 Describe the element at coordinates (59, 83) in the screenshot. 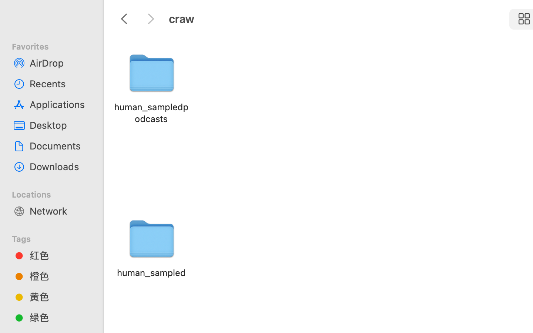

I see `'Recents'` at that location.